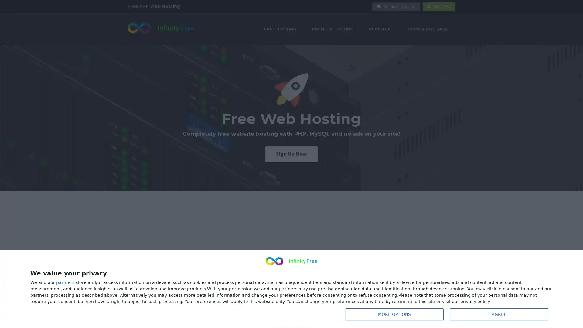 The height and width of the screenshot is (328, 583). What do you see at coordinates (394, 314) in the screenshot?
I see `MORE OPTIONS` at bounding box center [394, 314].